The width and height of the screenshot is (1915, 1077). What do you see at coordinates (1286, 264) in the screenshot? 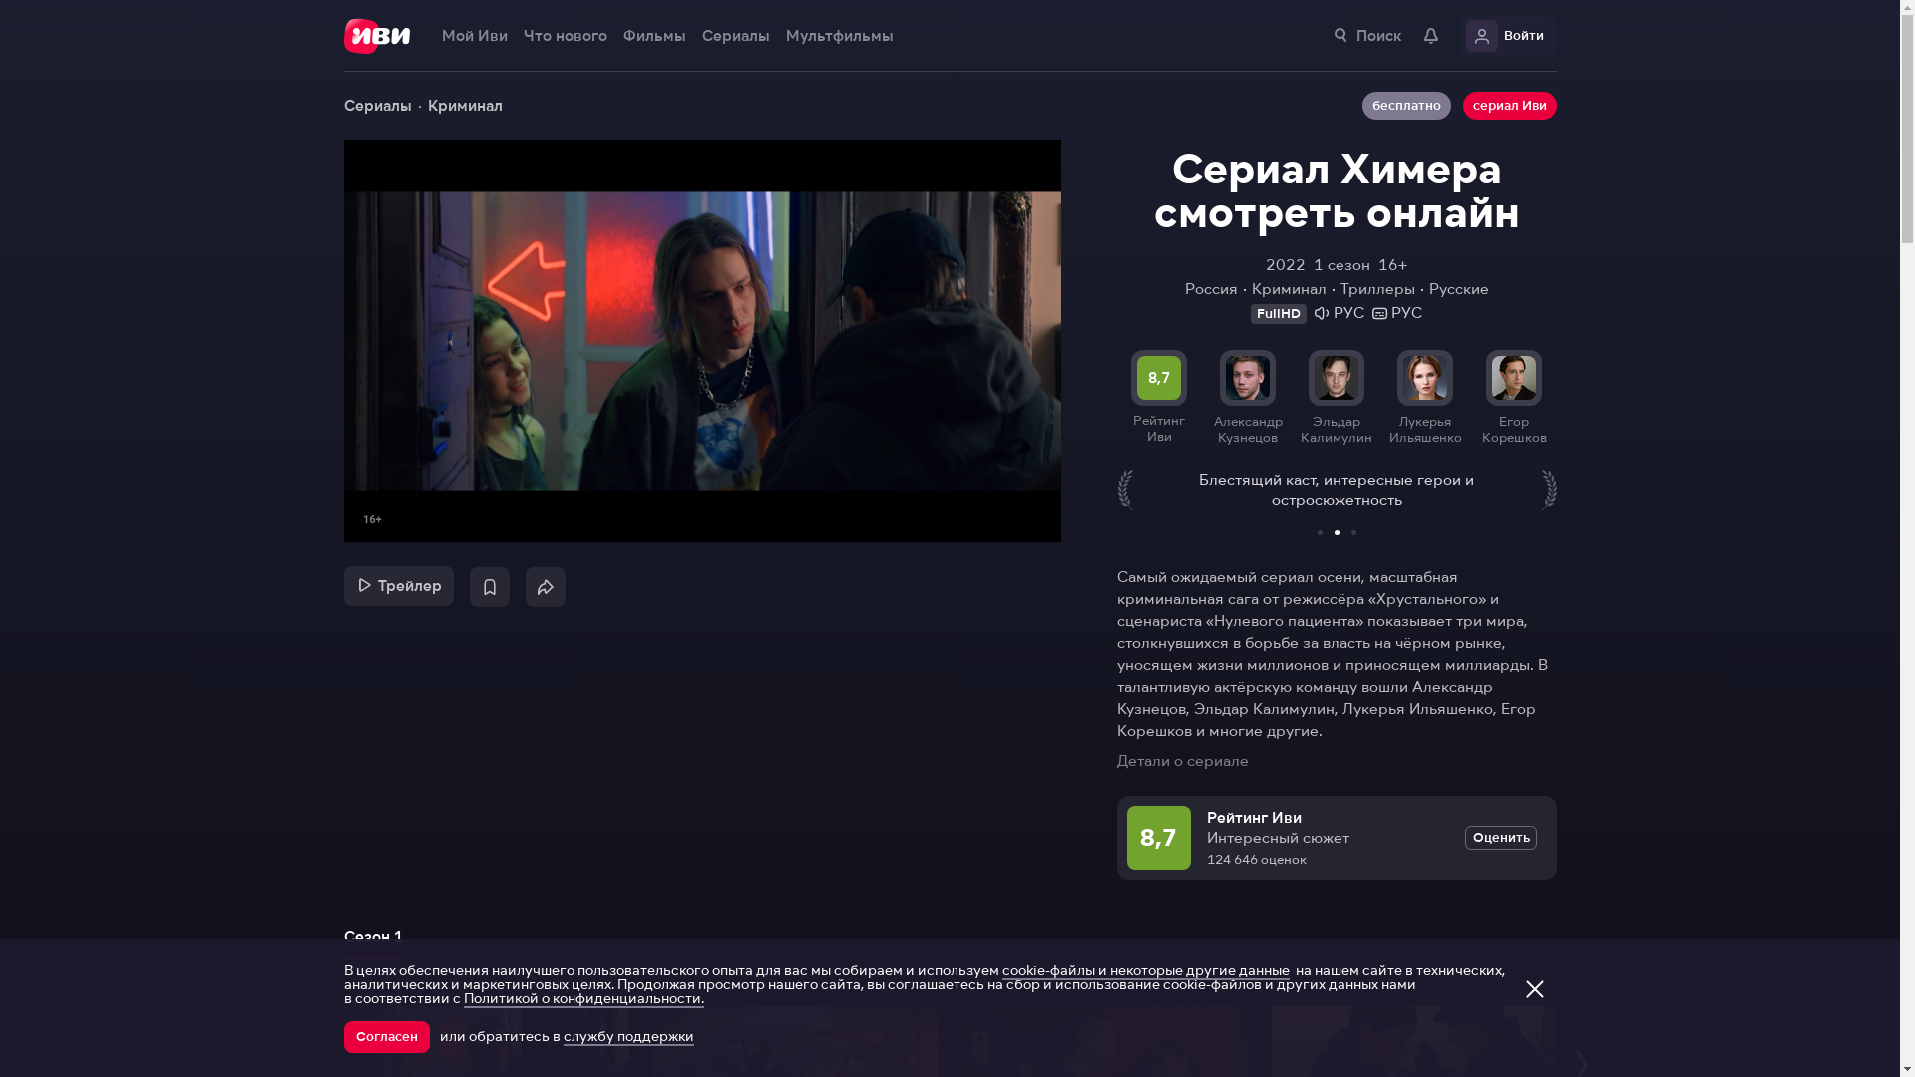
I see `'2022'` at bounding box center [1286, 264].